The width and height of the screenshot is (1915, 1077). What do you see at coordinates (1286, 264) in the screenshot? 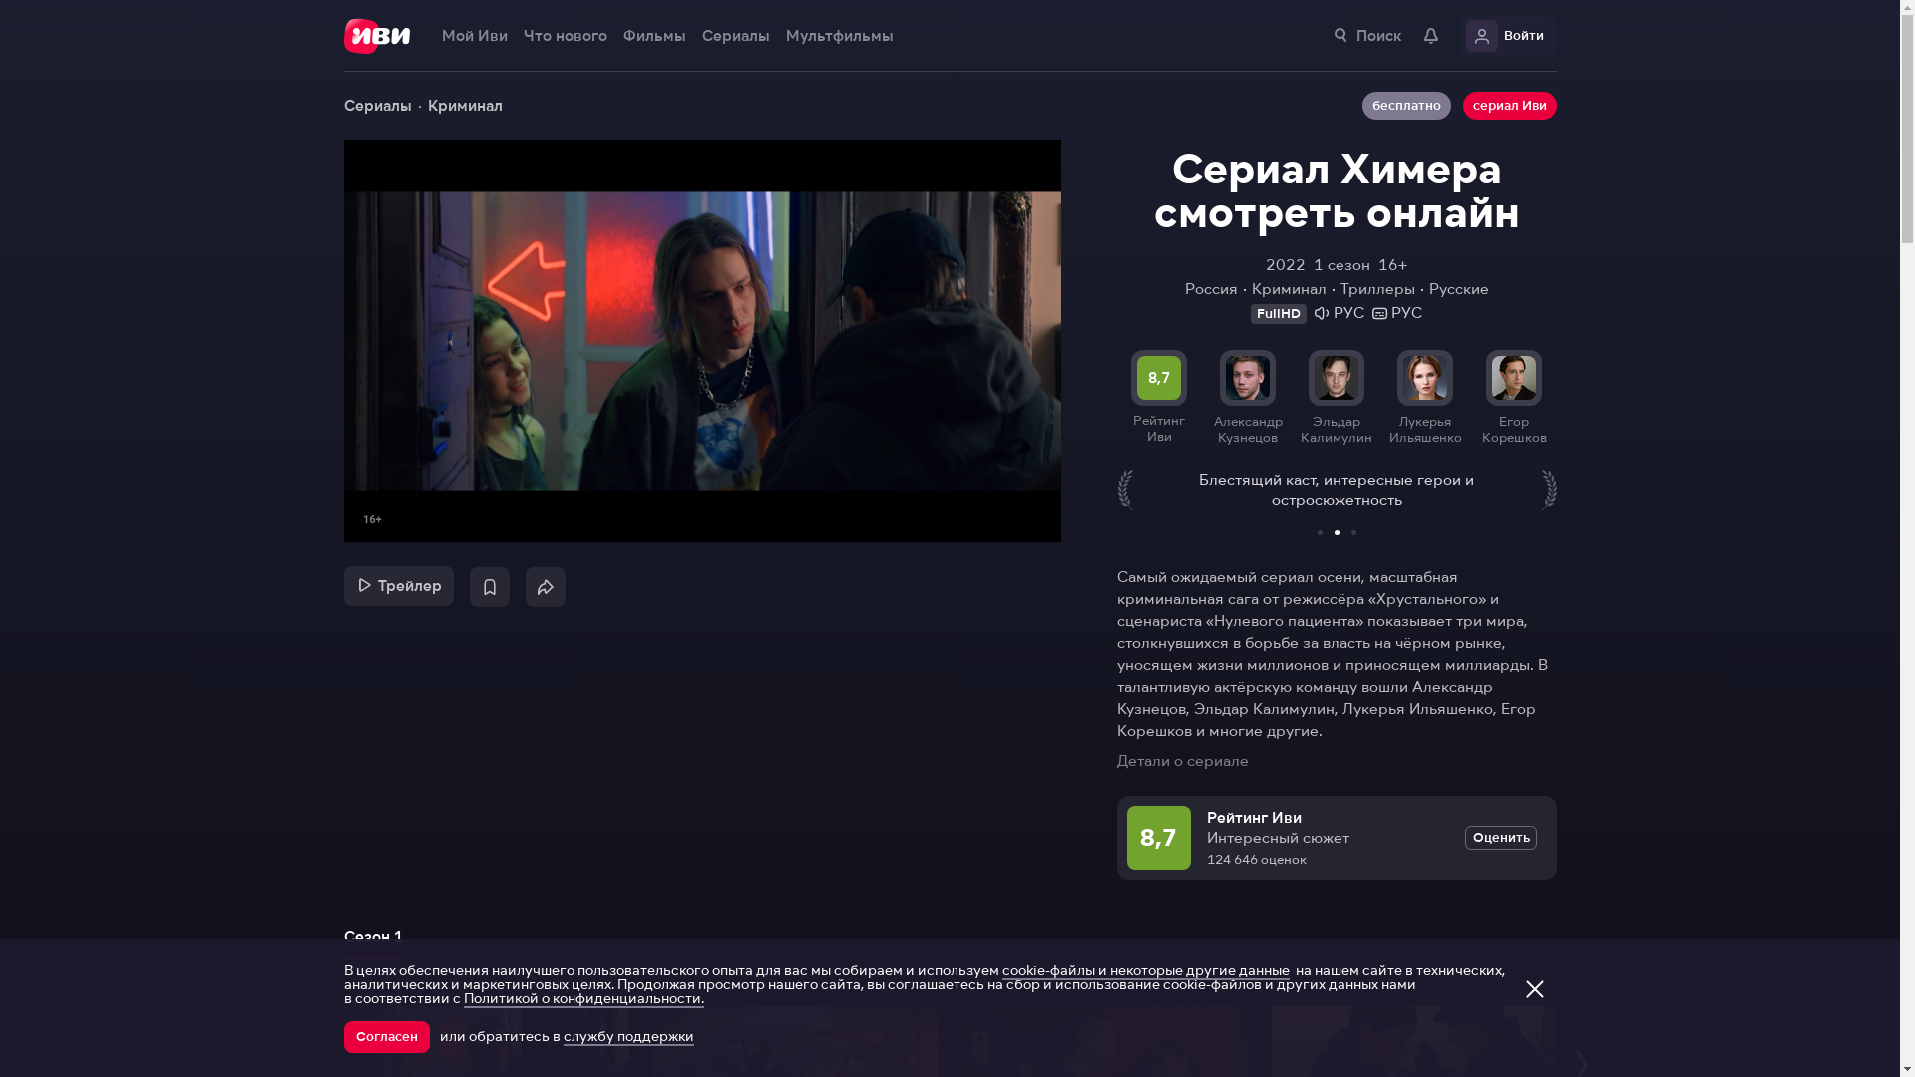
I see `'2022'` at bounding box center [1286, 264].